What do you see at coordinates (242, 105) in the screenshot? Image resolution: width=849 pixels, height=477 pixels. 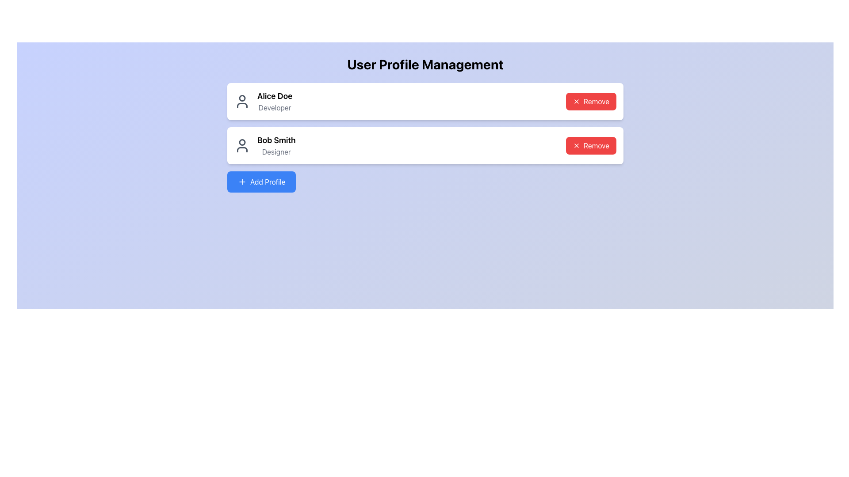 I see `the body portion of the user icon representing Alice Doe in the profile card for potential interaction` at bounding box center [242, 105].